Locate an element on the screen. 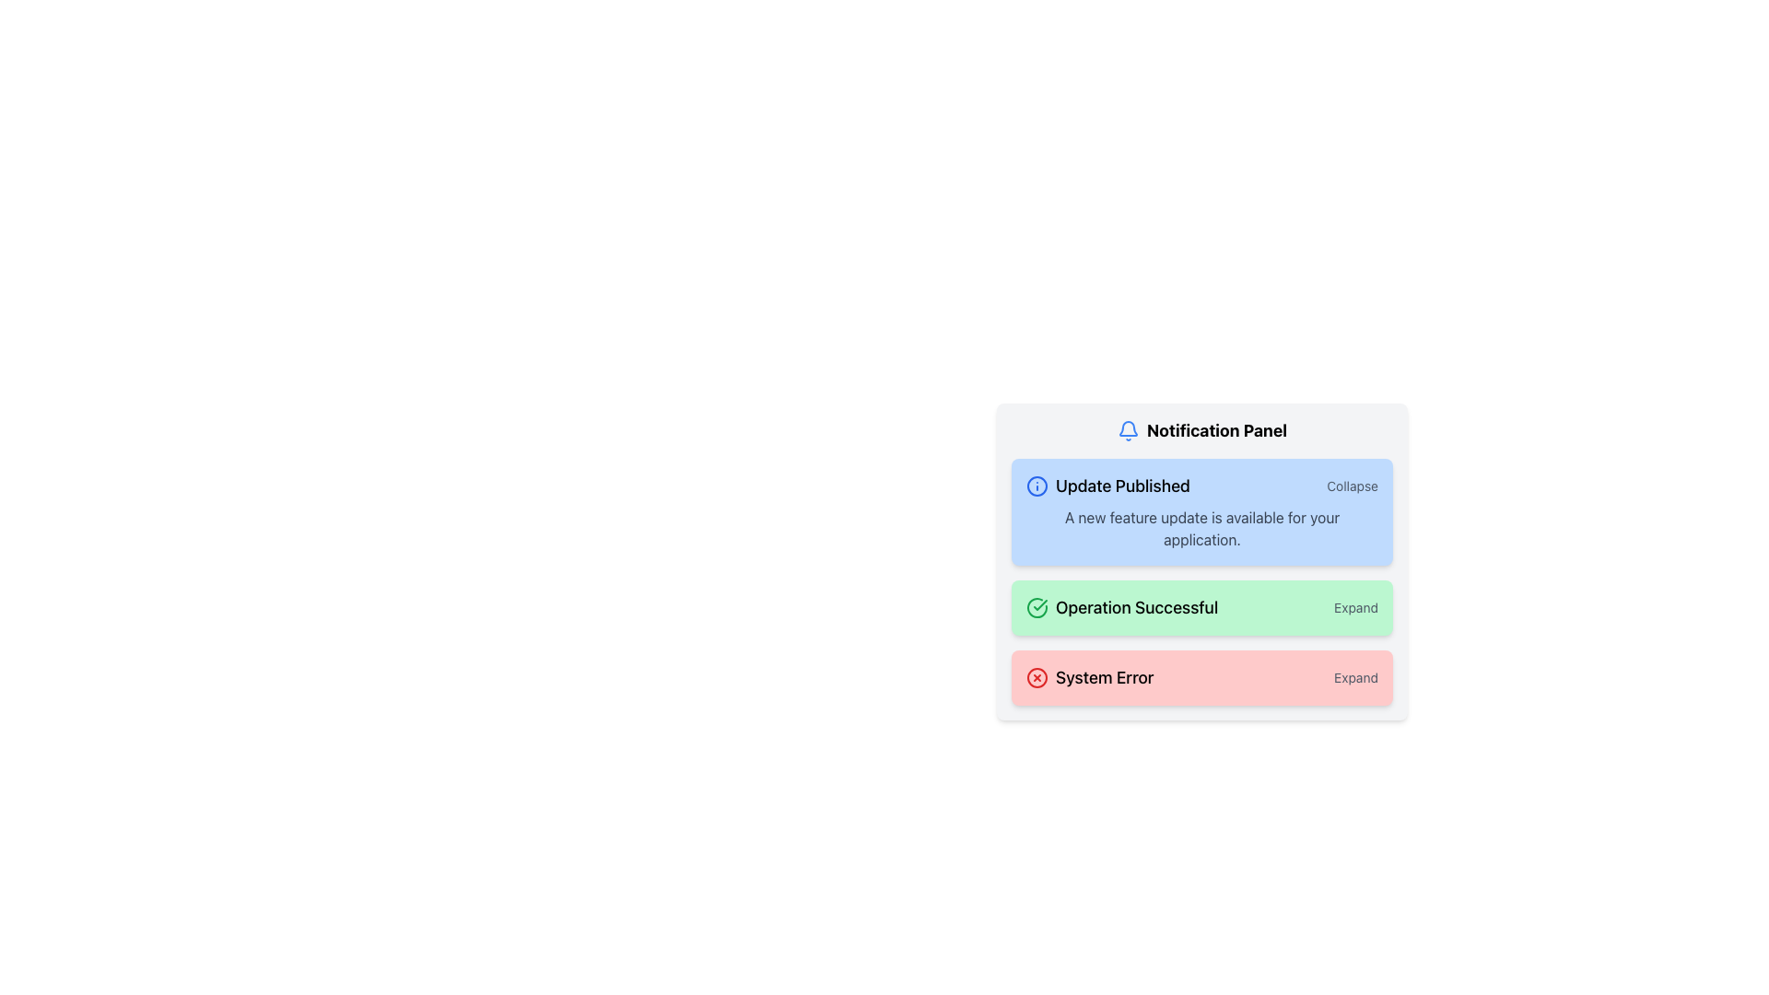  the information icon located to the left of the 'Update Published' text, which serves as a visual indicator for the update status is located at coordinates (1037, 486).